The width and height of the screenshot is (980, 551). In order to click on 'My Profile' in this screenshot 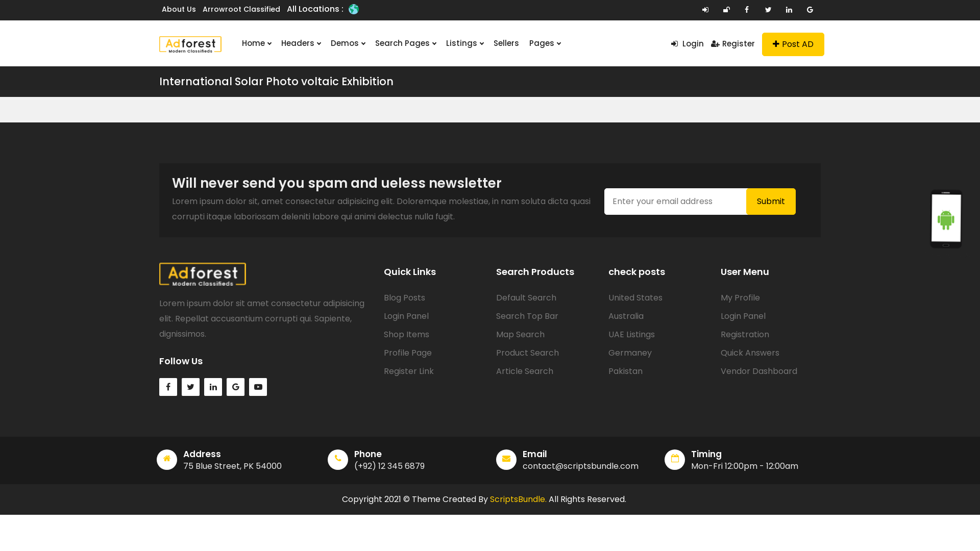, I will do `click(740, 297)`.